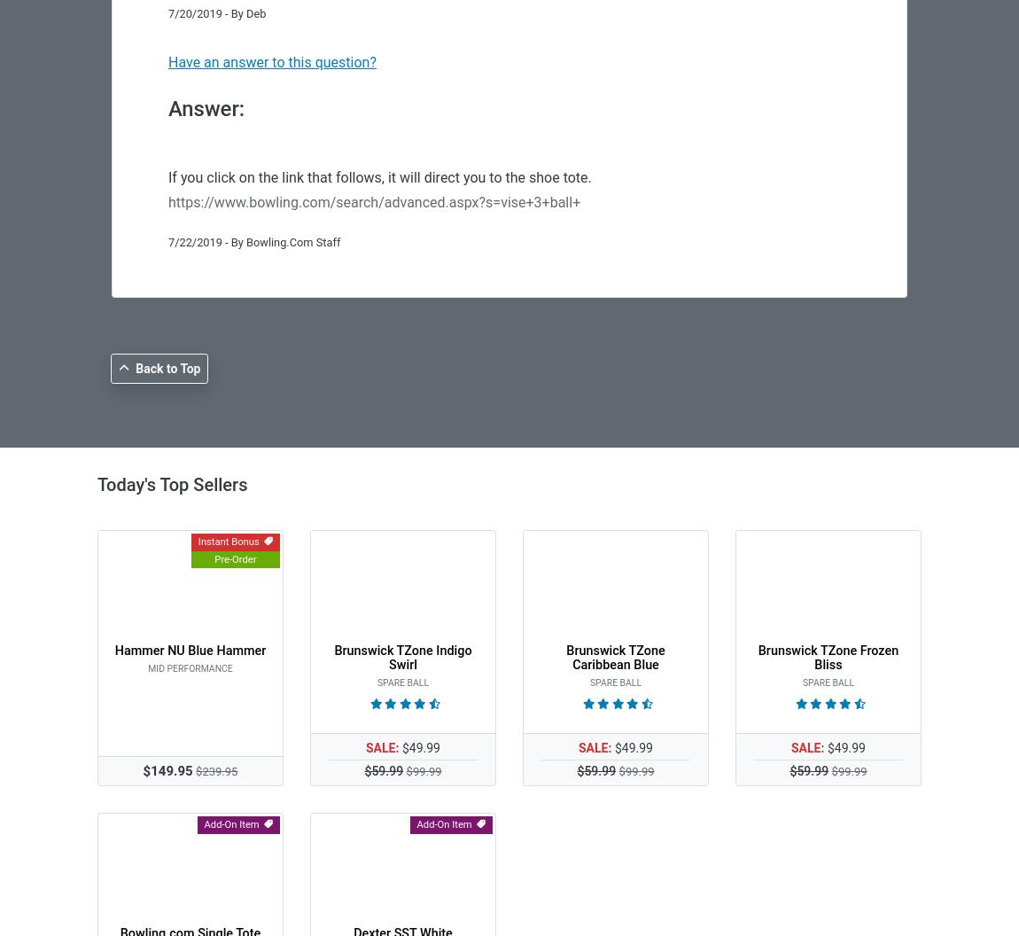  I want to click on 'Today's Top Sellers', so click(171, 485).